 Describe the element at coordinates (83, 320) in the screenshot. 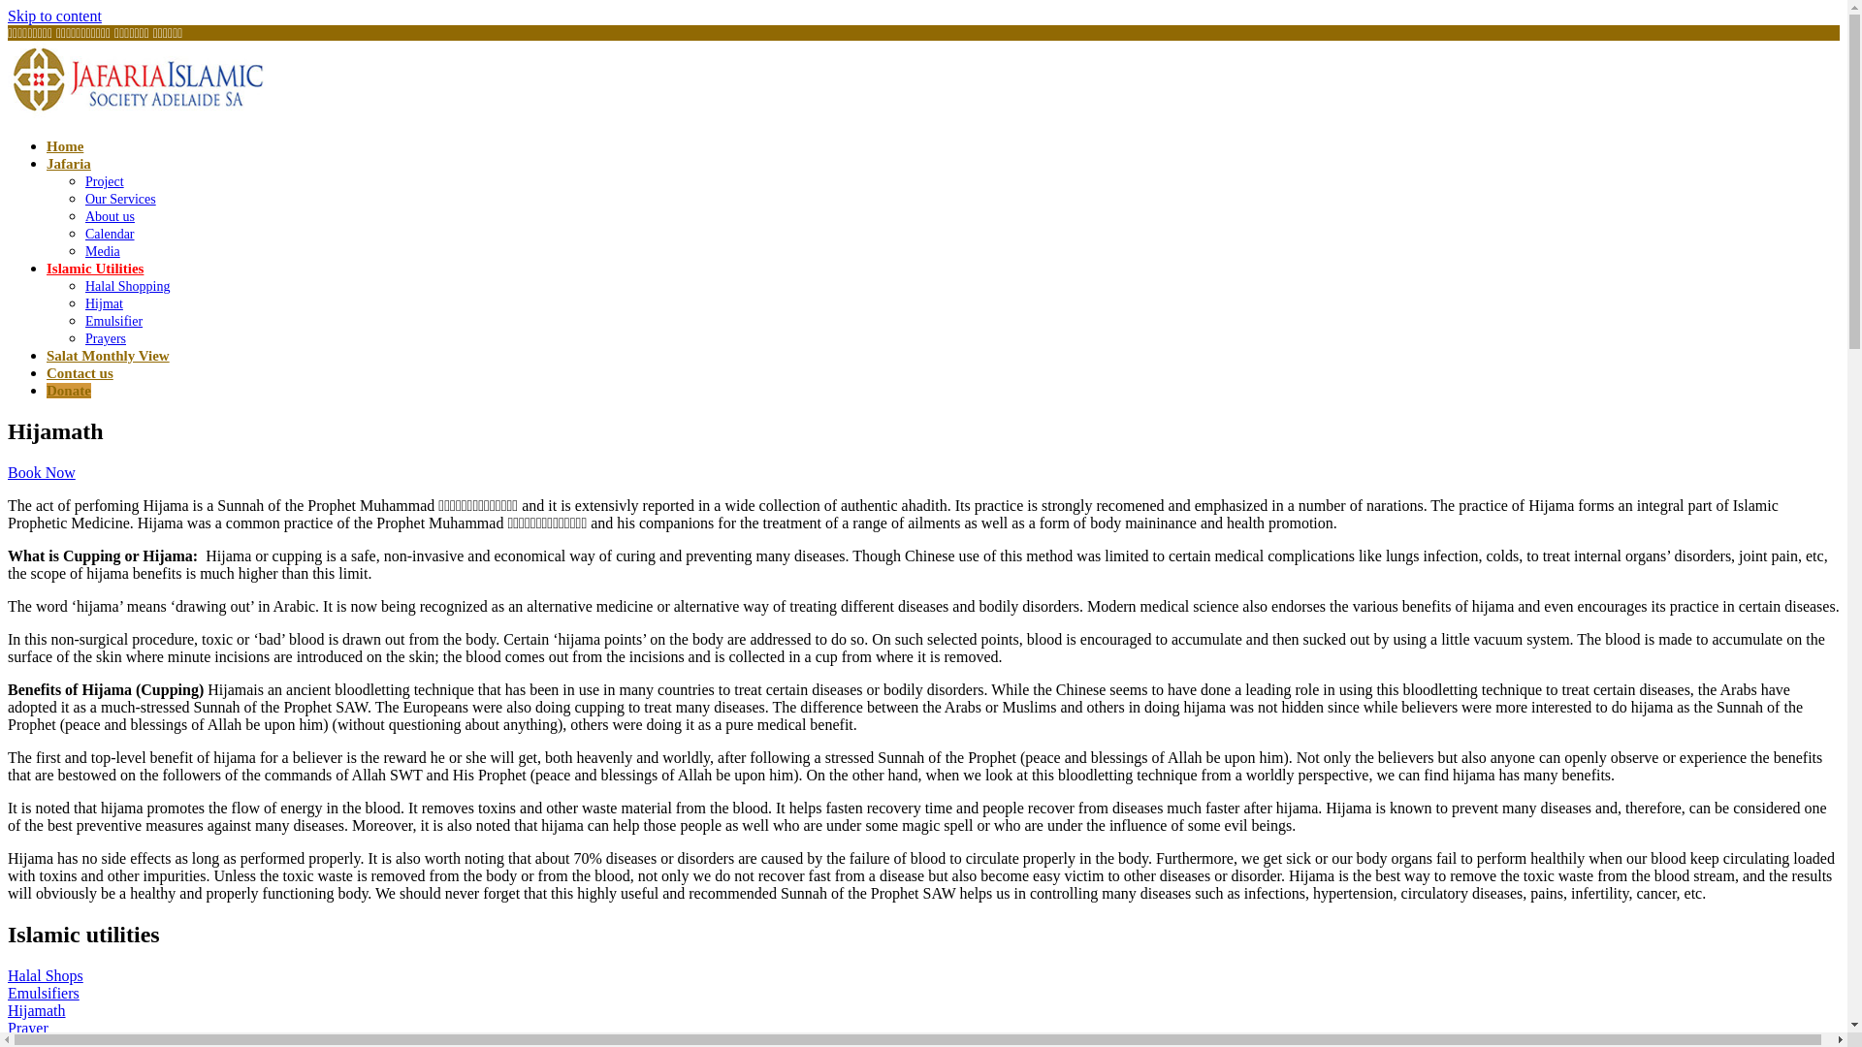

I see `'Emulsifier'` at that location.